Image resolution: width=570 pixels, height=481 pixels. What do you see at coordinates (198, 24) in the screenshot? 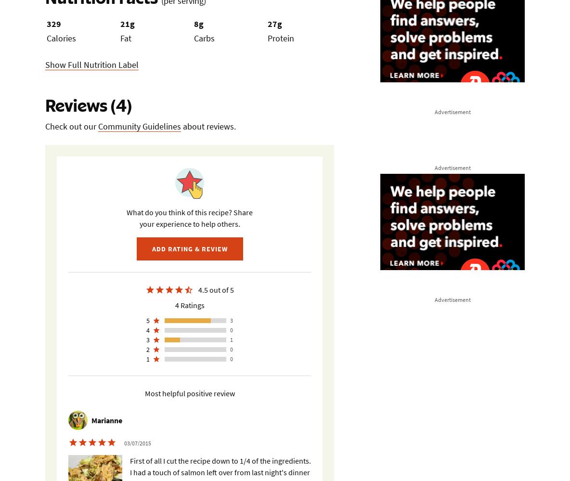
I see `'8g'` at bounding box center [198, 24].